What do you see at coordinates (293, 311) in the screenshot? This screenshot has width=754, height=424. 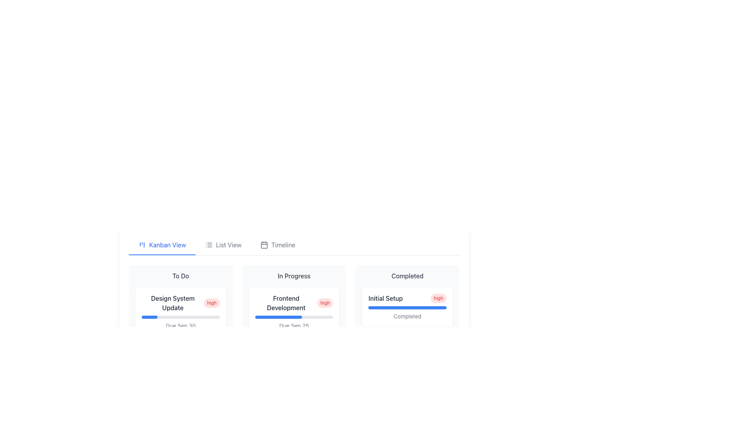 I see `the 'Frontend Development' task card from the 'In Progress' column` at bounding box center [293, 311].